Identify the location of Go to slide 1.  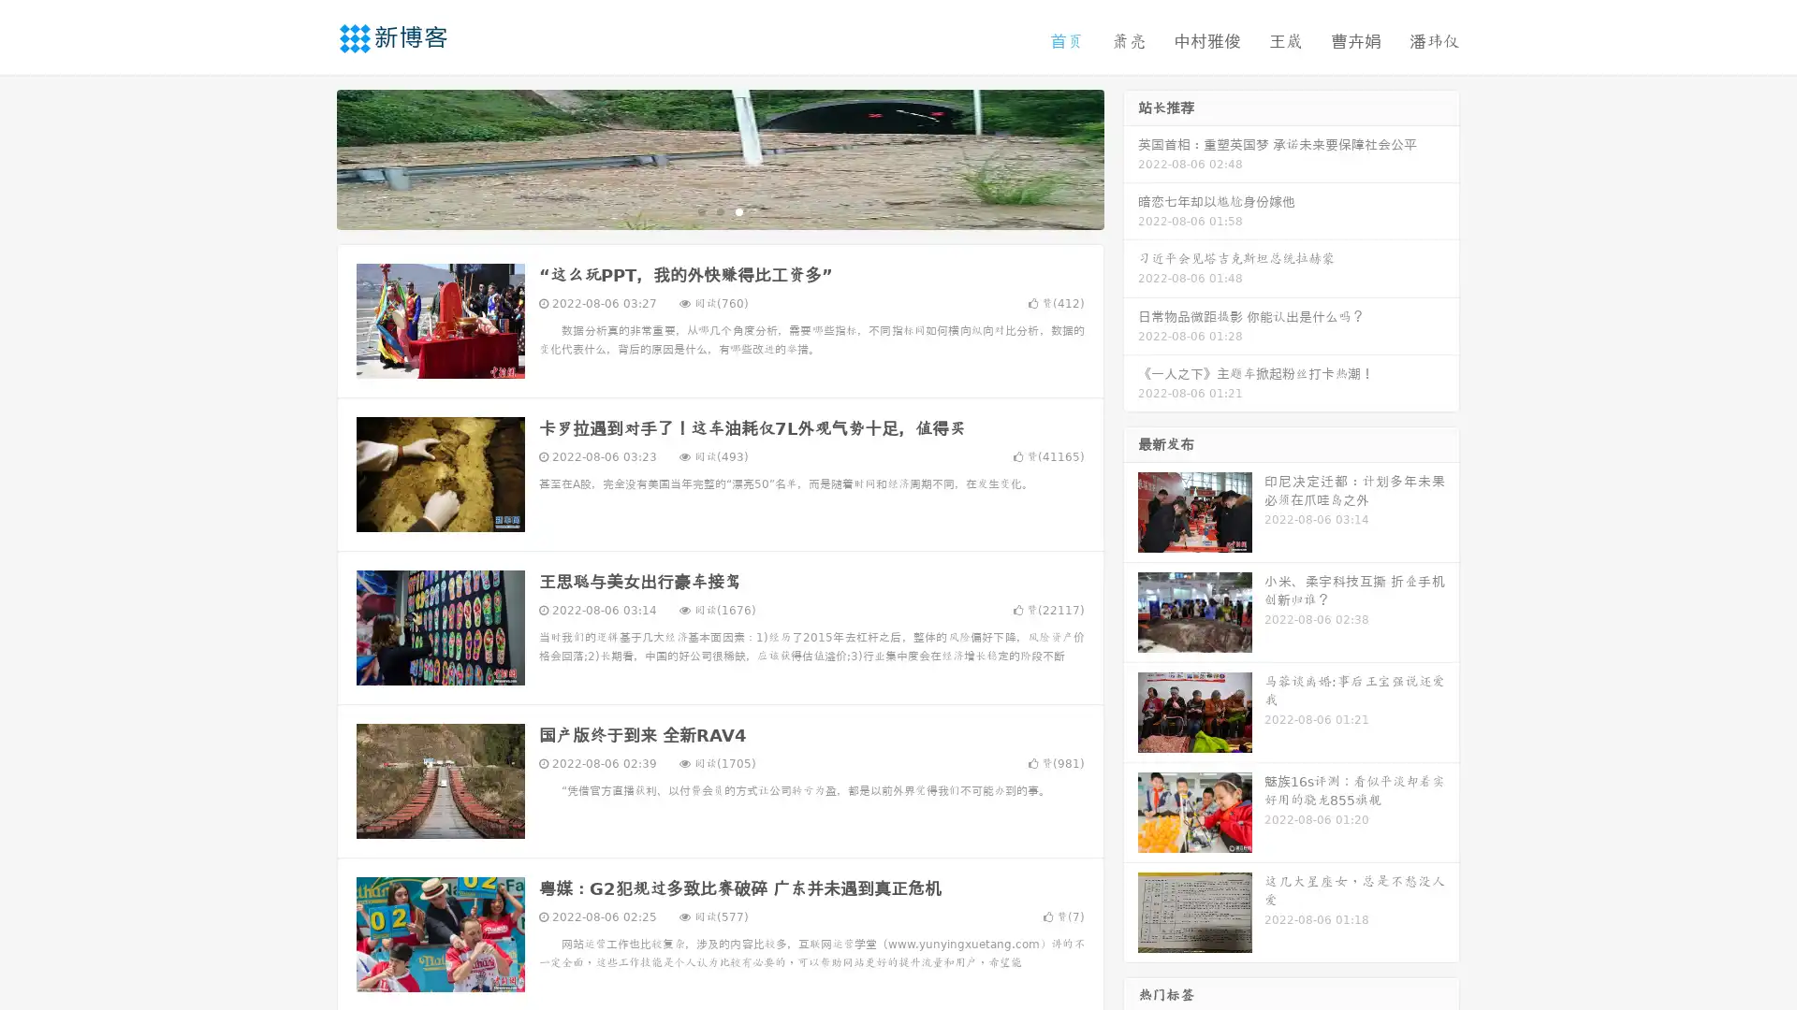
(700, 210).